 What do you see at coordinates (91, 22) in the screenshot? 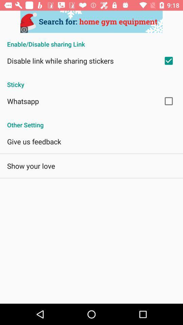
I see `item above the enable disable sharing app` at bounding box center [91, 22].